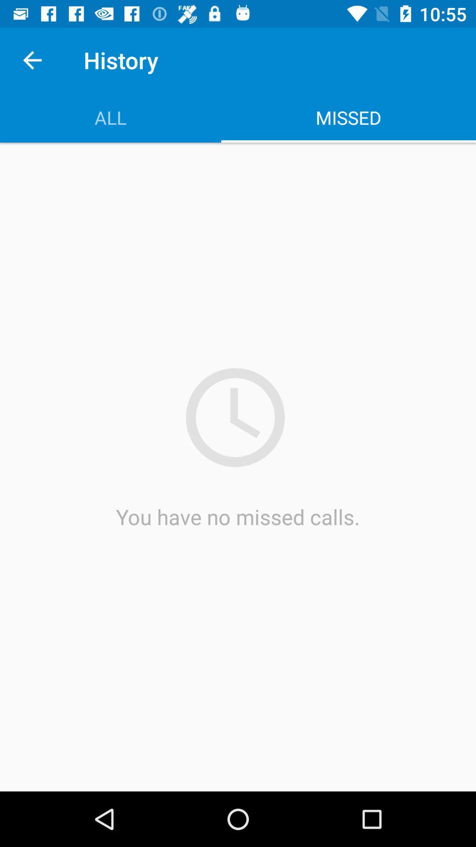  Describe the element at coordinates (110, 117) in the screenshot. I see `the icon next to missed` at that location.